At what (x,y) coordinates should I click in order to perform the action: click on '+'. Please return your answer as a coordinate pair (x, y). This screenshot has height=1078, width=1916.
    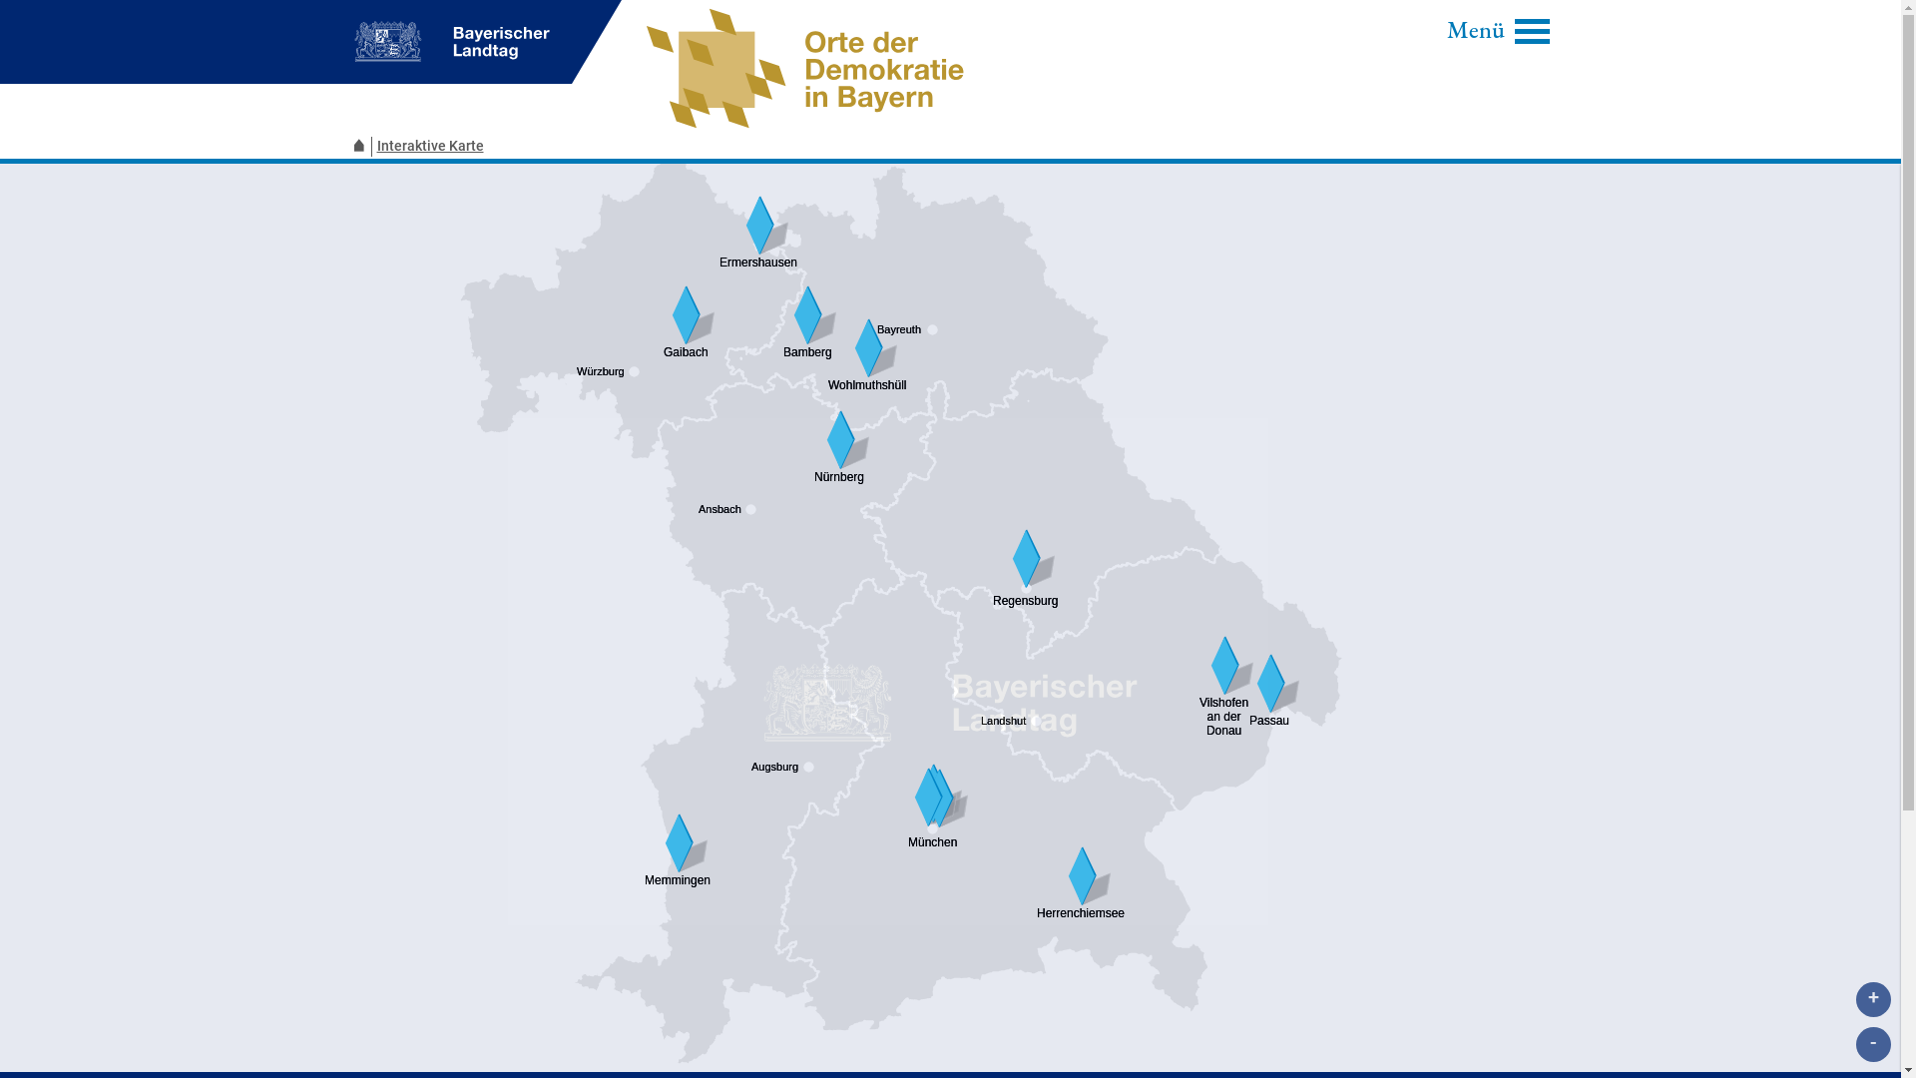
    Looking at the image, I should click on (1872, 999).